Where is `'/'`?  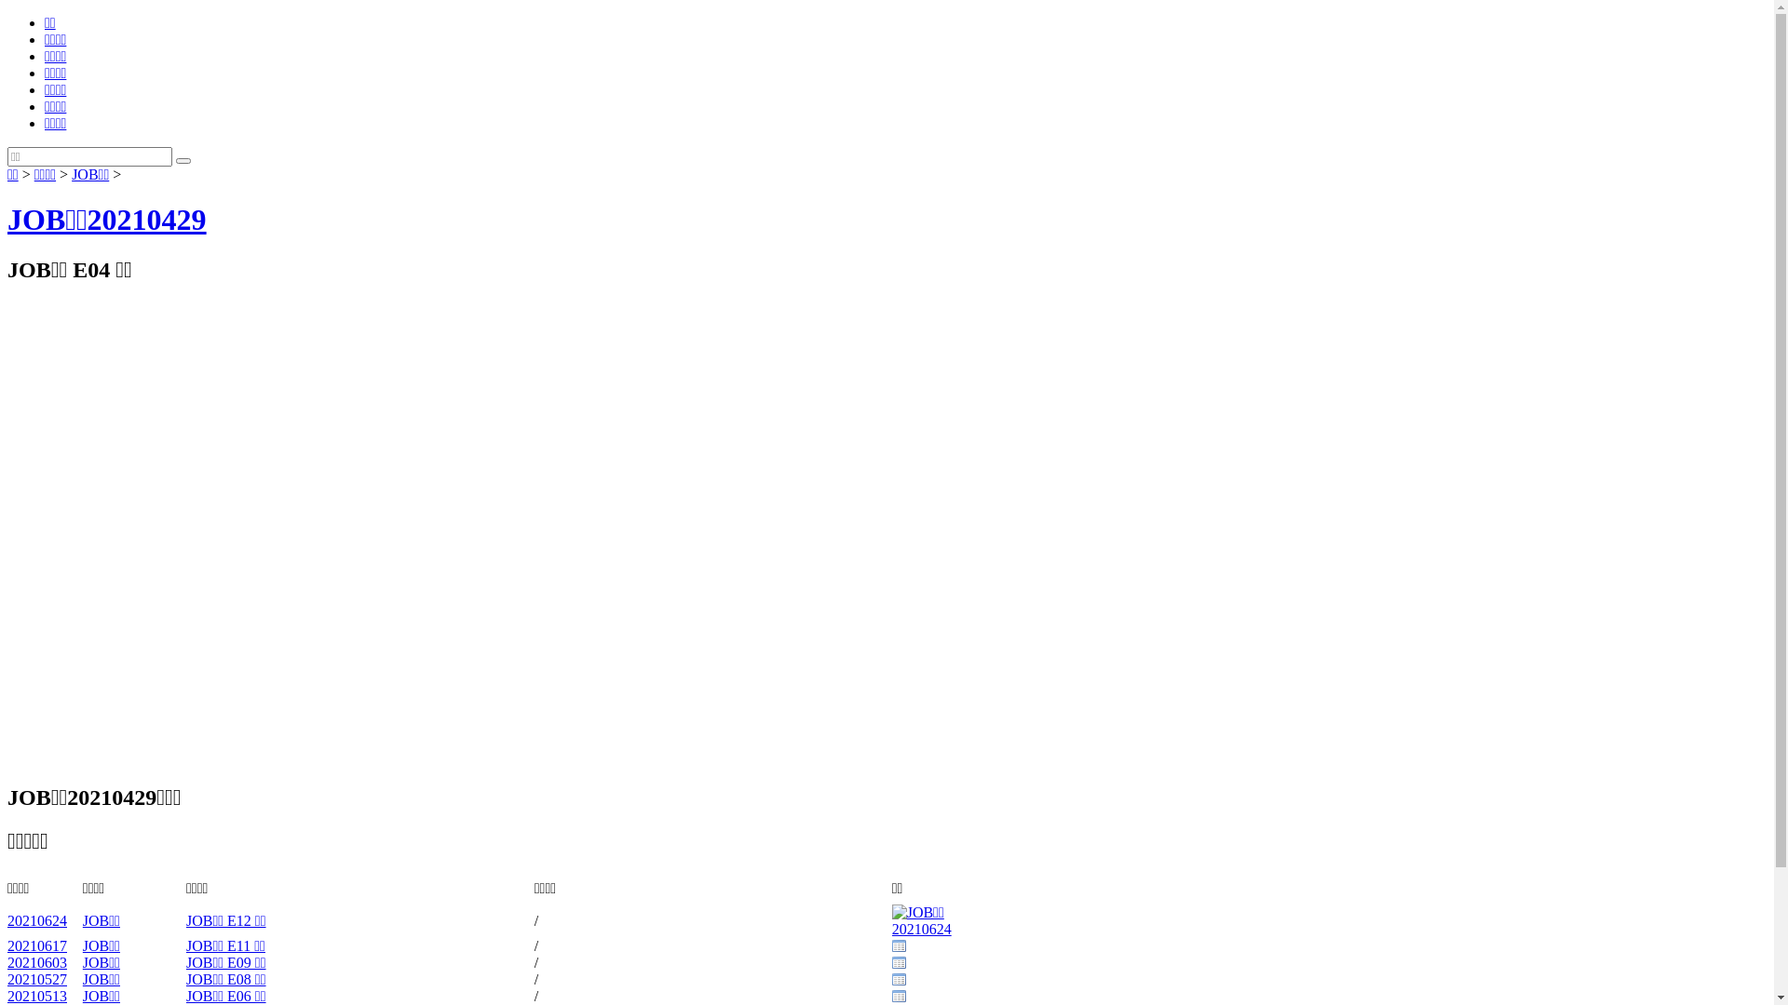 '/' is located at coordinates (535, 945).